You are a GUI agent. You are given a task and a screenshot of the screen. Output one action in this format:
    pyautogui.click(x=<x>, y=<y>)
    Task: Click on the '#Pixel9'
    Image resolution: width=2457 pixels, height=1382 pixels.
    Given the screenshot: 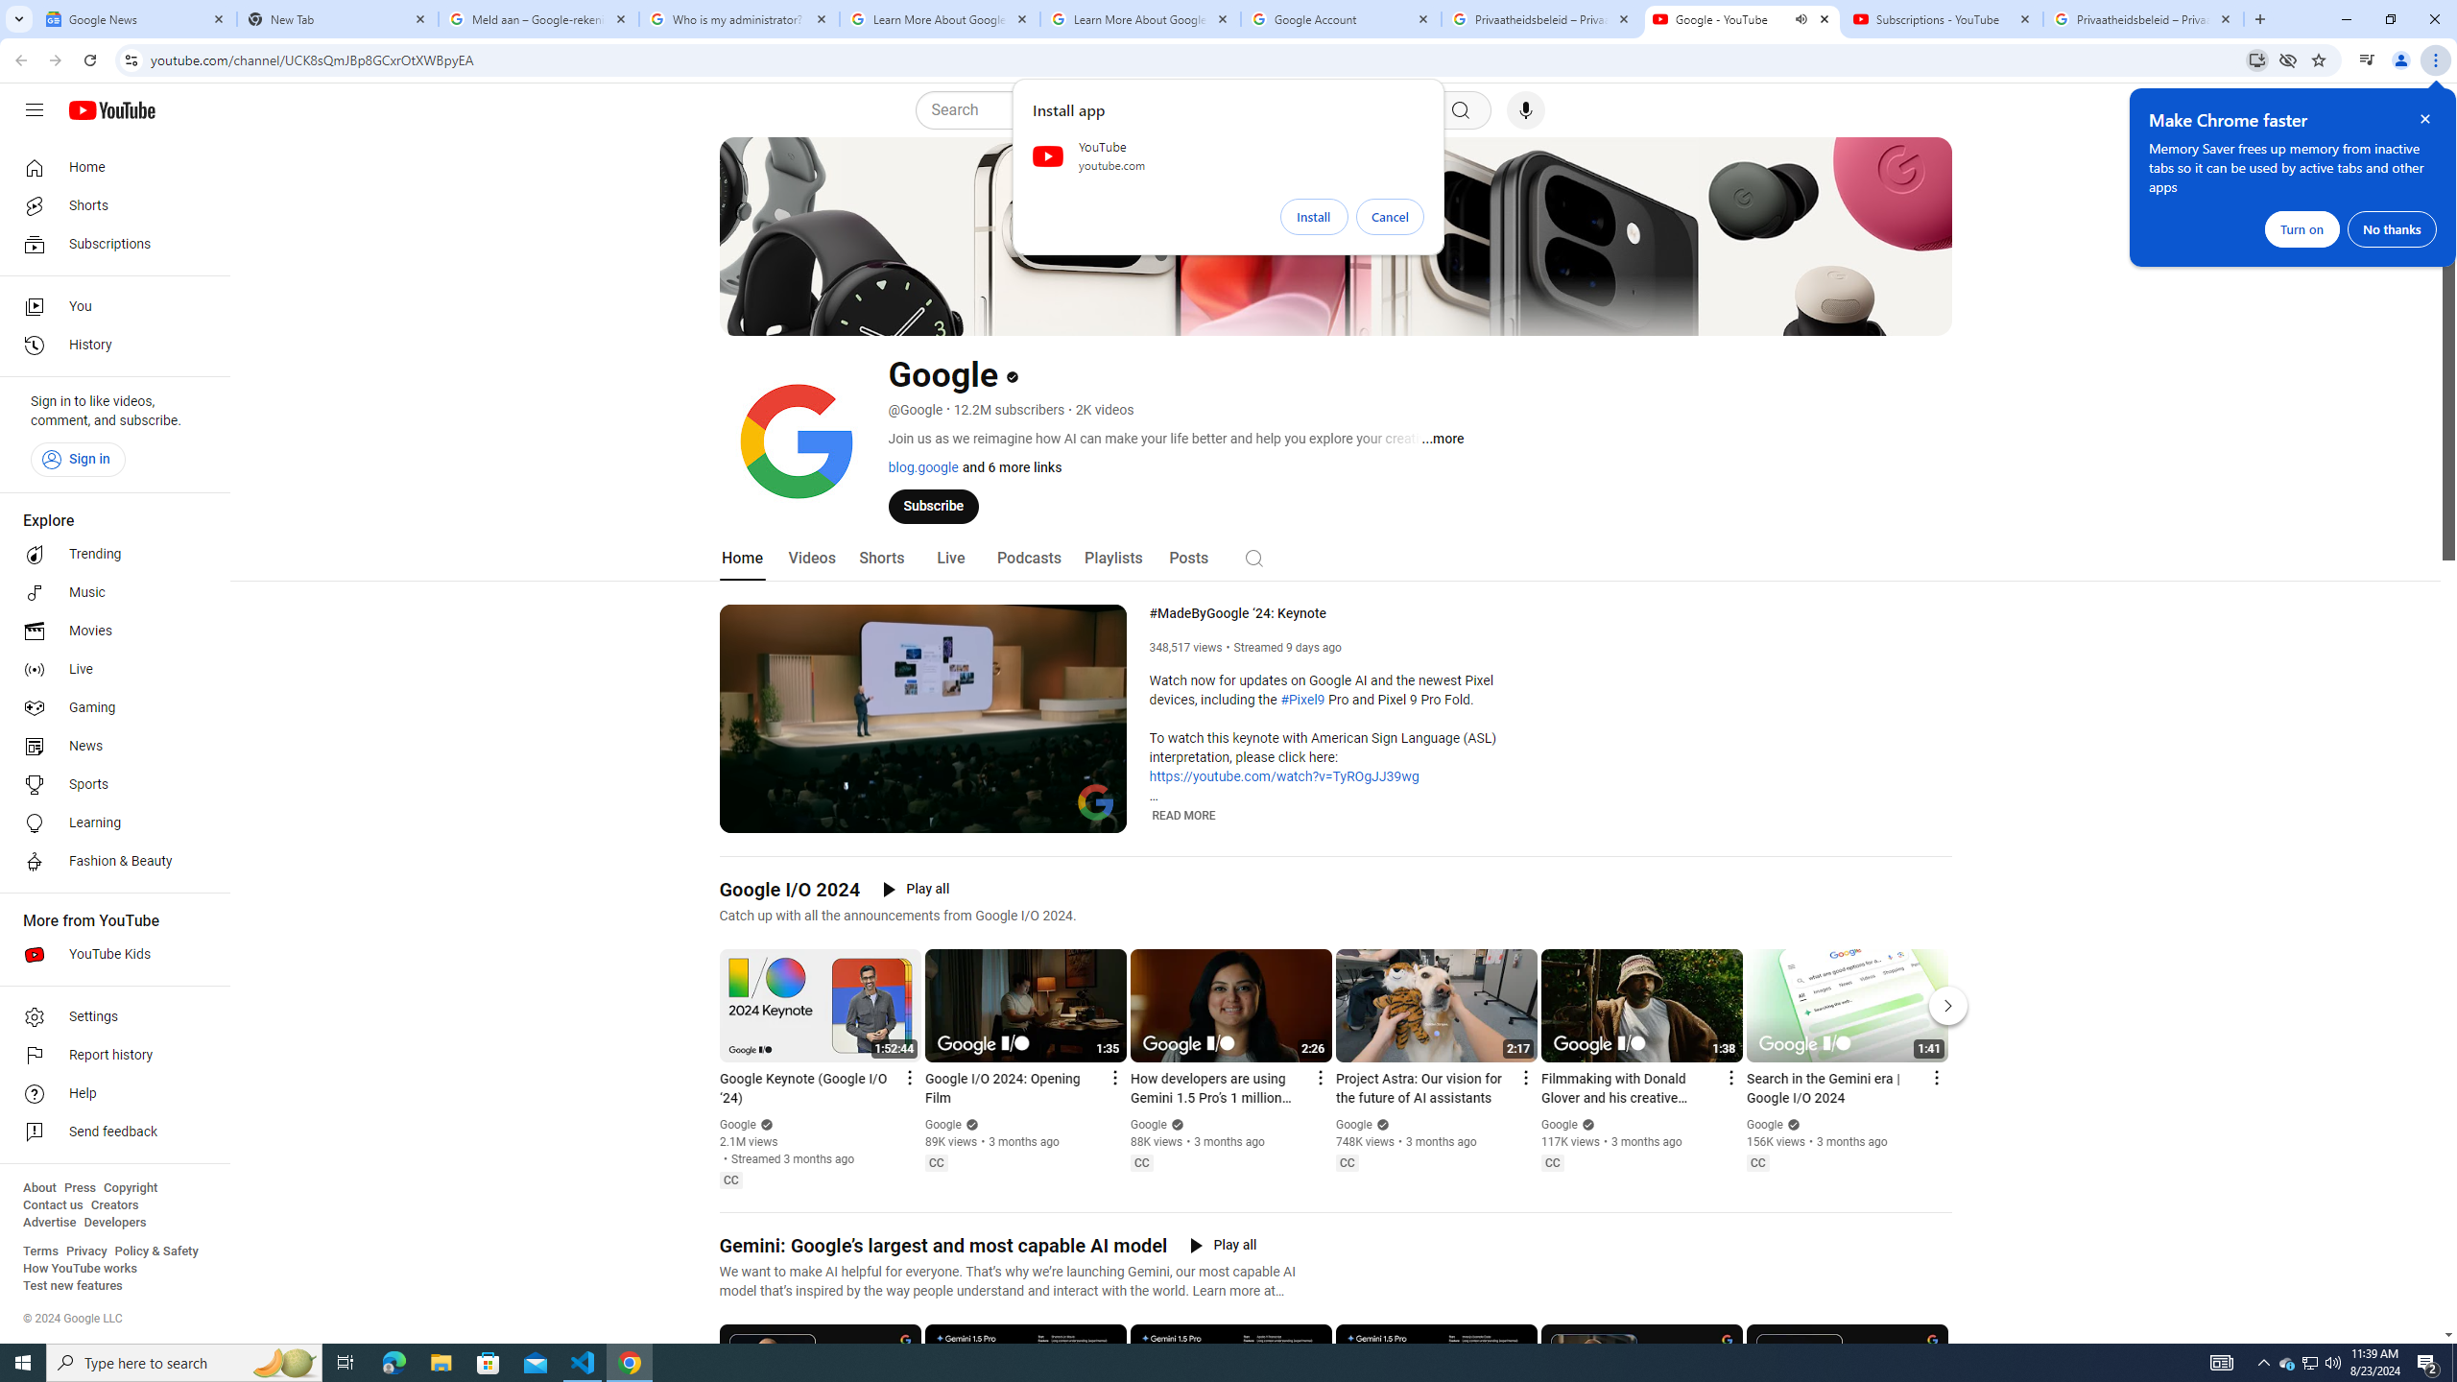 What is the action you would take?
    pyautogui.click(x=1301, y=700)
    